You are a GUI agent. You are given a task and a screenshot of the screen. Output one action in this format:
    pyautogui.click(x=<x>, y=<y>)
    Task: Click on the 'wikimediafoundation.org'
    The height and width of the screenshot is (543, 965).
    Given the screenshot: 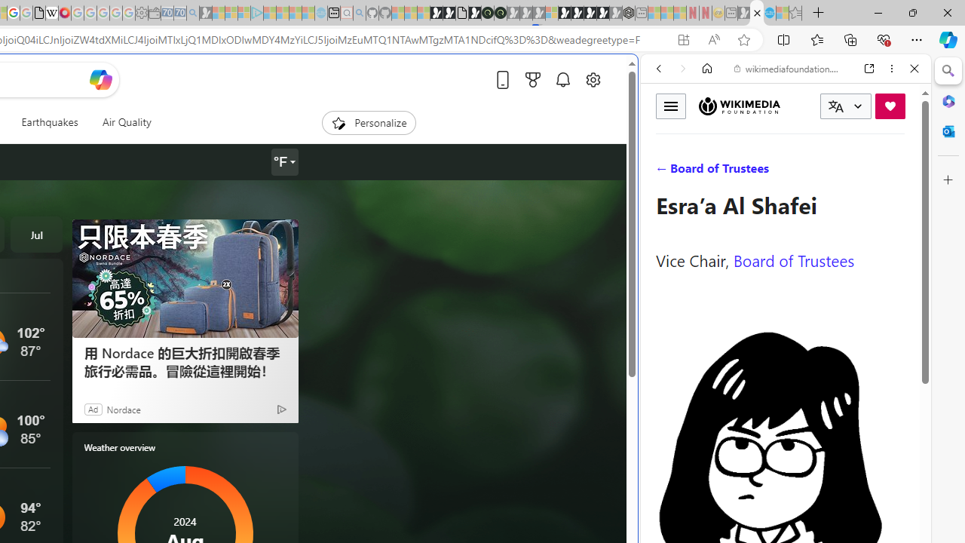 What is the action you would take?
    pyautogui.click(x=788, y=69)
    